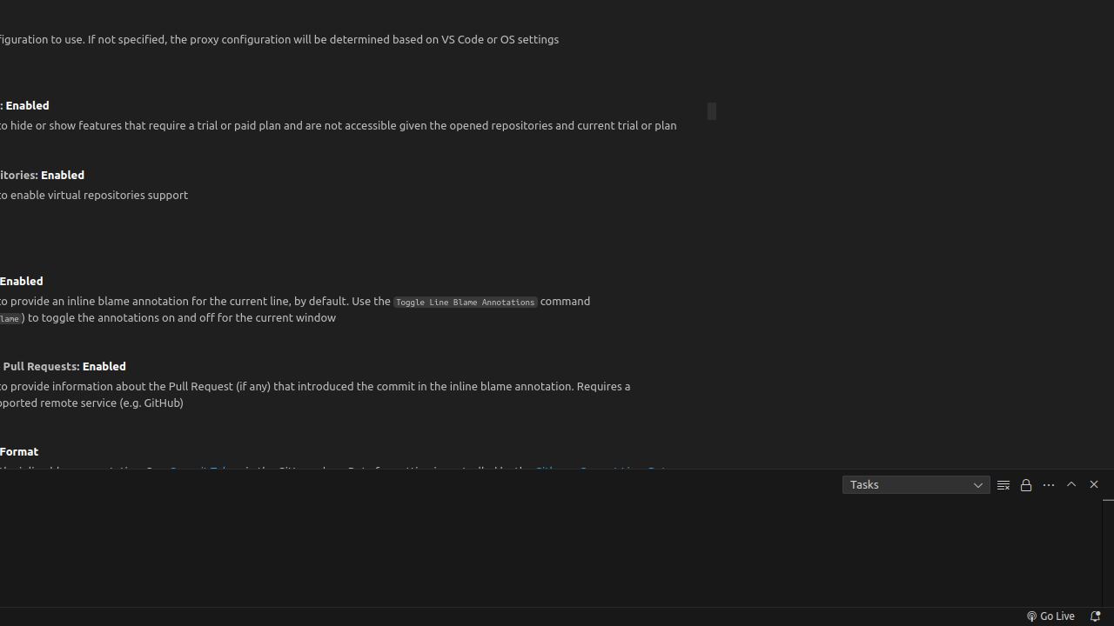 The image size is (1114, 626). I want to click on 'Hide Panel', so click(1092, 483).